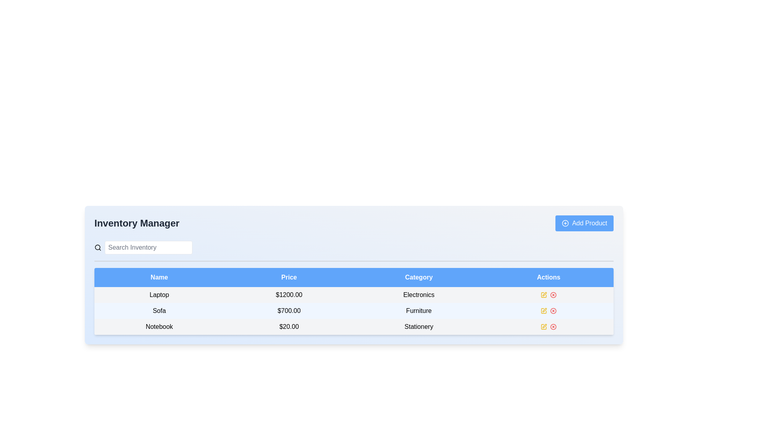 This screenshot has height=430, width=765. I want to click on the Icon group element in the 'Actions' column of the last row for the 'Stationery' item, so click(548, 327).